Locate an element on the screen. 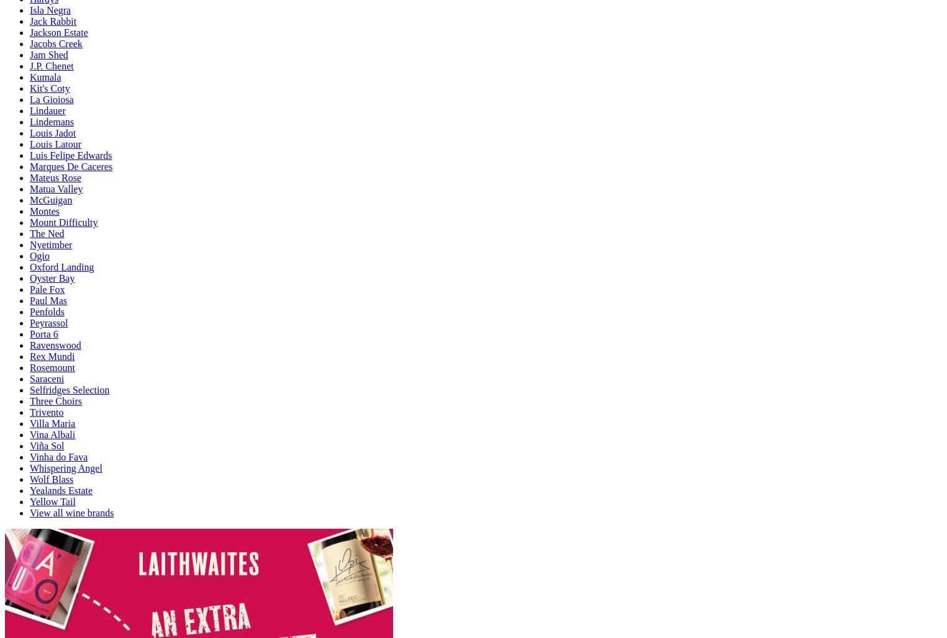  'Kit's Coty' is located at coordinates (29, 88).